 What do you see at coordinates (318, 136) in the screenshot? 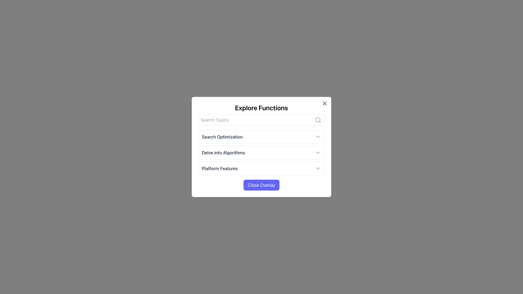
I see `the downward-facing chevron icon located to the right of the 'Search Optimization' text` at bounding box center [318, 136].